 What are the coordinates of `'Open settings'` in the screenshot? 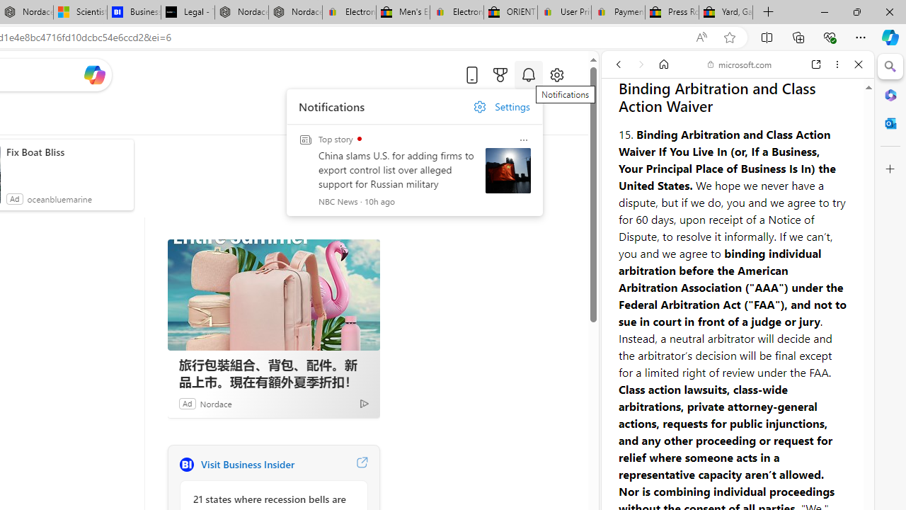 It's located at (556, 74).